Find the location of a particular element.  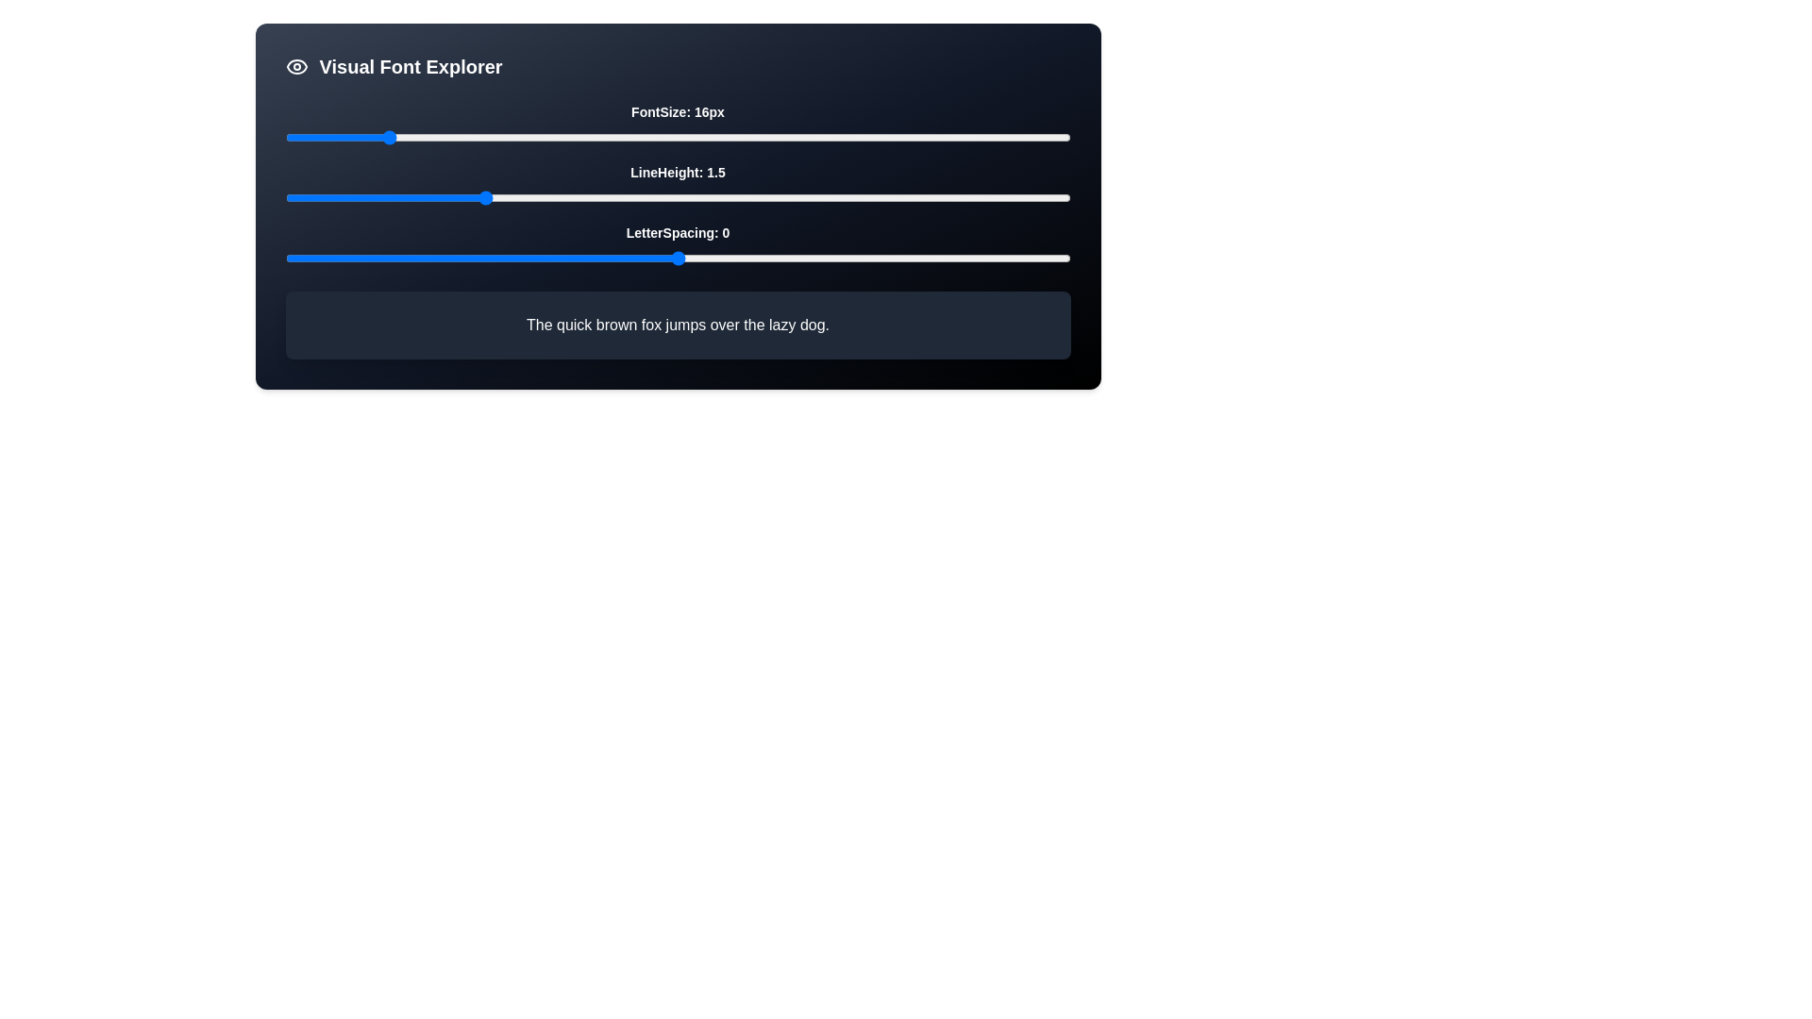

the line height slider to 1 is located at coordinates (284, 197).